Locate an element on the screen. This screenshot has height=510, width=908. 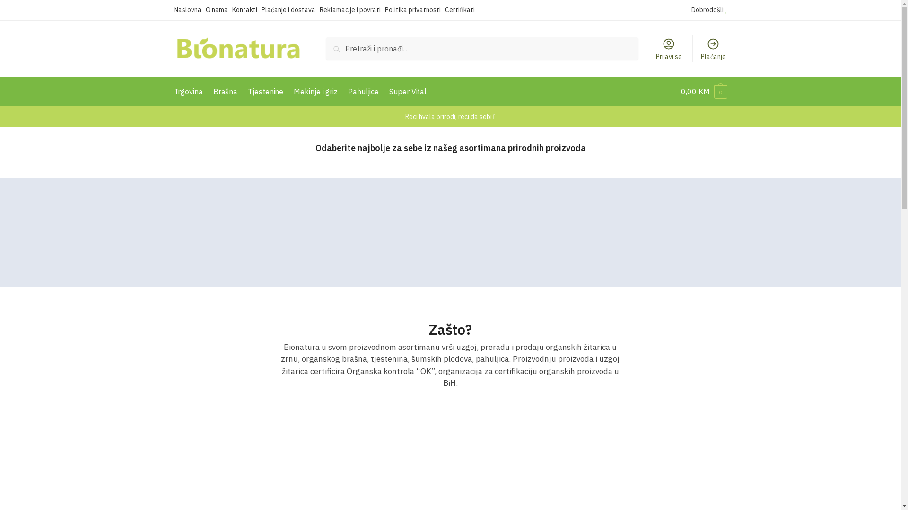
'Mekinje i griz' is located at coordinates (289, 91).